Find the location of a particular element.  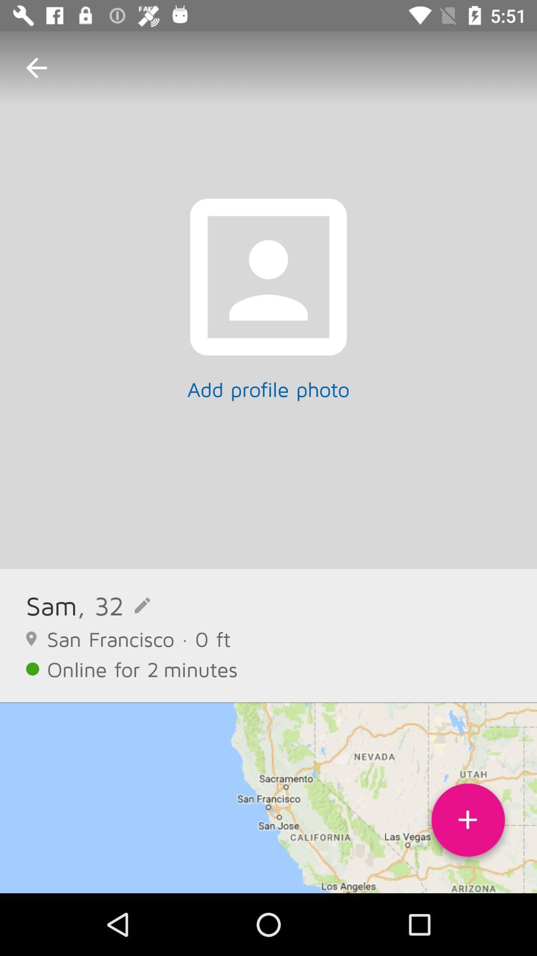

icon above sam is located at coordinates (36, 67).